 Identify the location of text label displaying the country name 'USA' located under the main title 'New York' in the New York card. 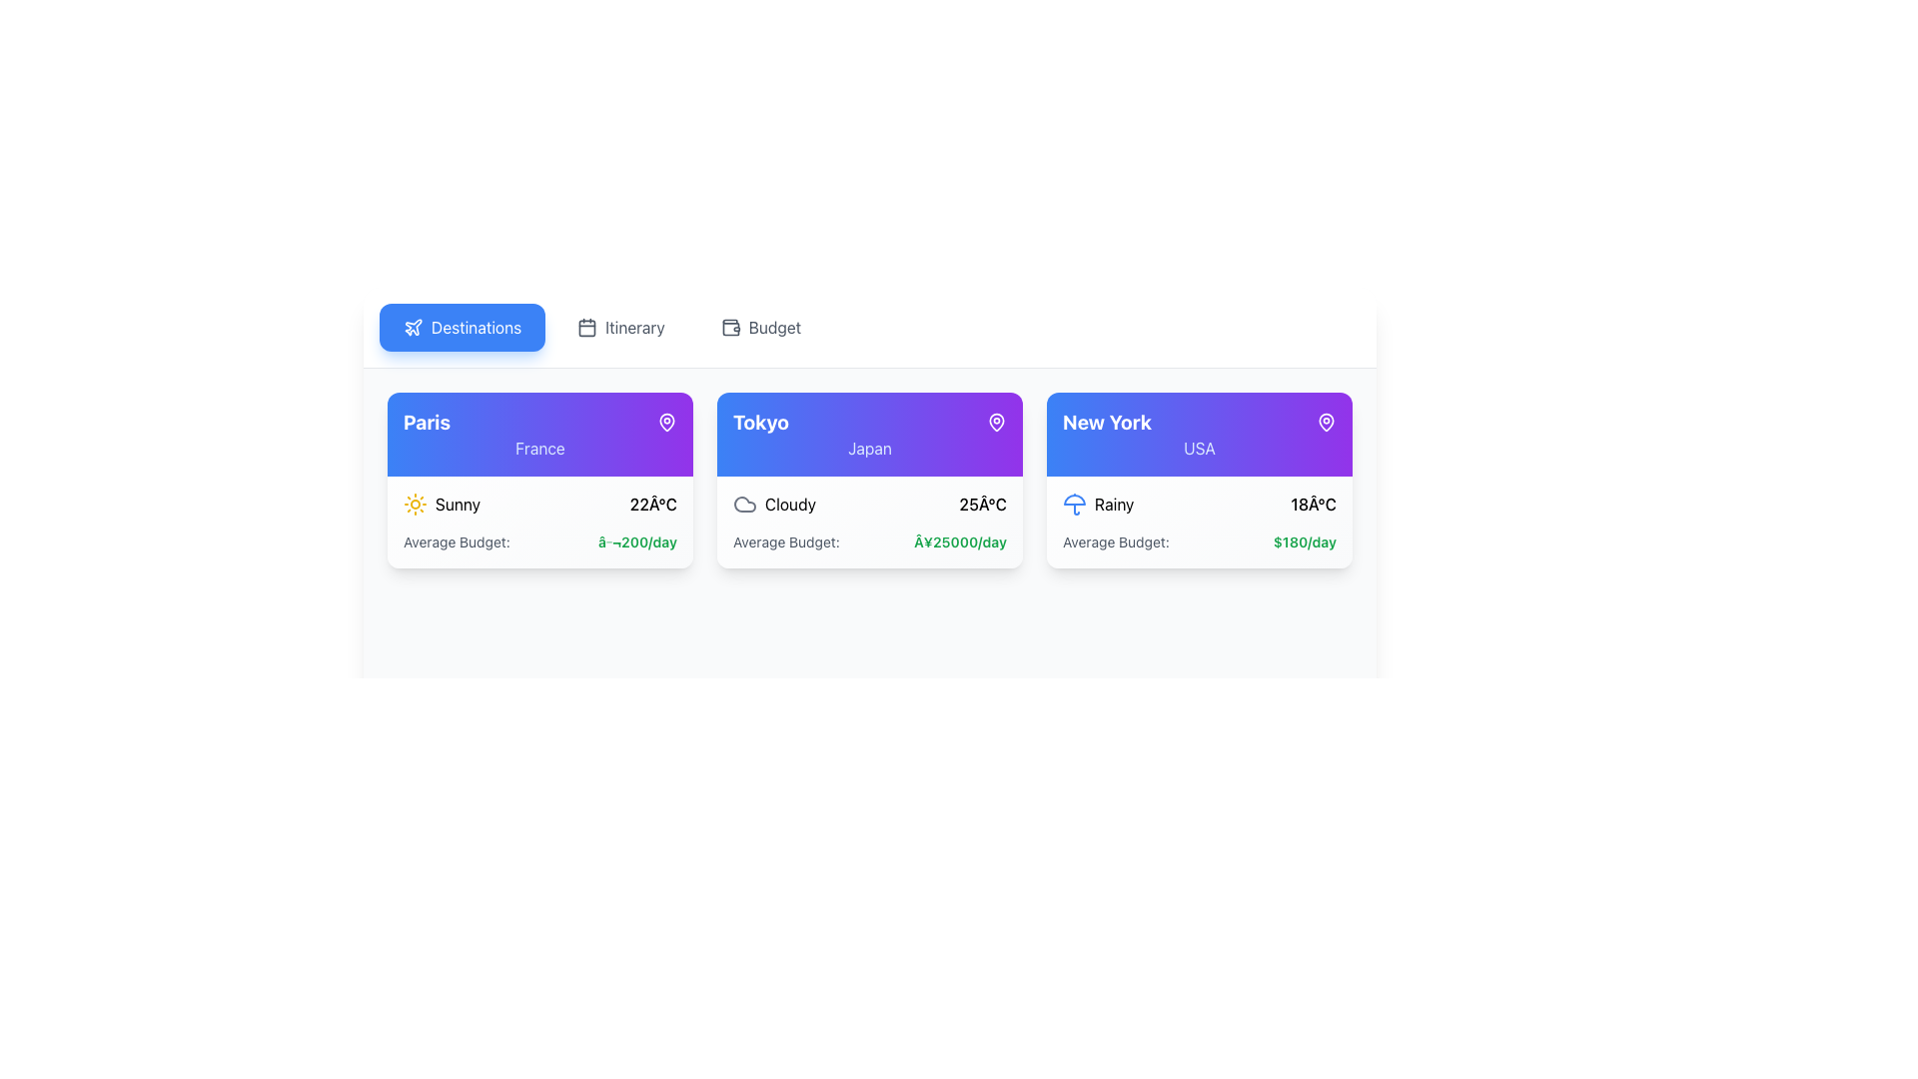
(1199, 447).